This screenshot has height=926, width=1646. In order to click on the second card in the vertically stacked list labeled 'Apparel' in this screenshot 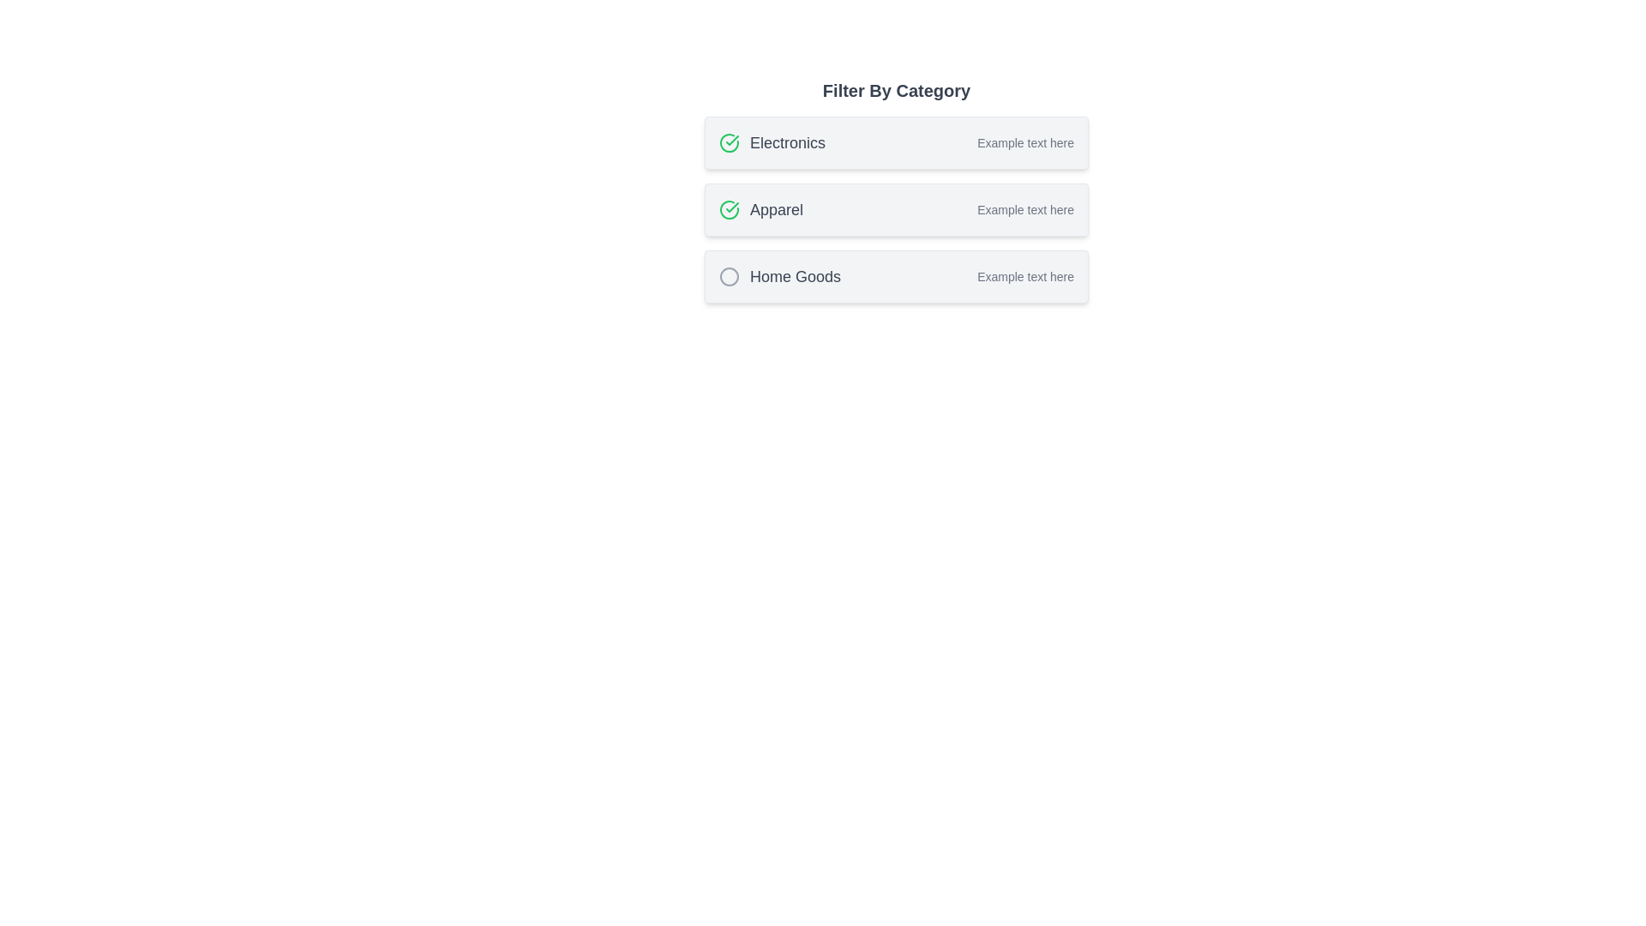, I will do `click(896, 191)`.